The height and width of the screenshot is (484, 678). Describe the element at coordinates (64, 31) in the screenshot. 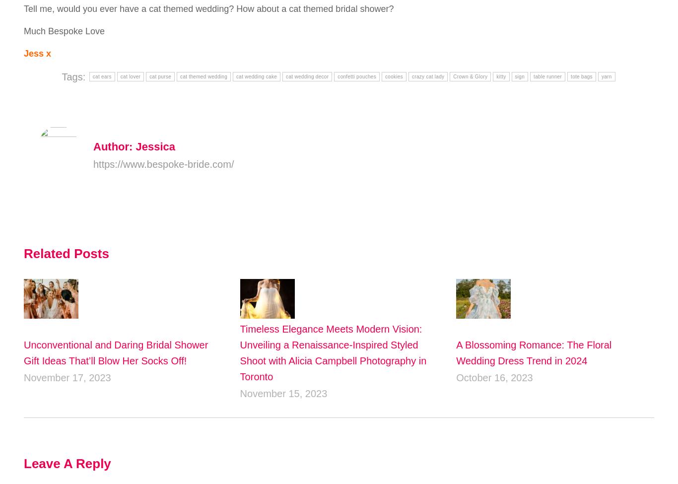

I see `'Much Bespoke Love'` at that location.